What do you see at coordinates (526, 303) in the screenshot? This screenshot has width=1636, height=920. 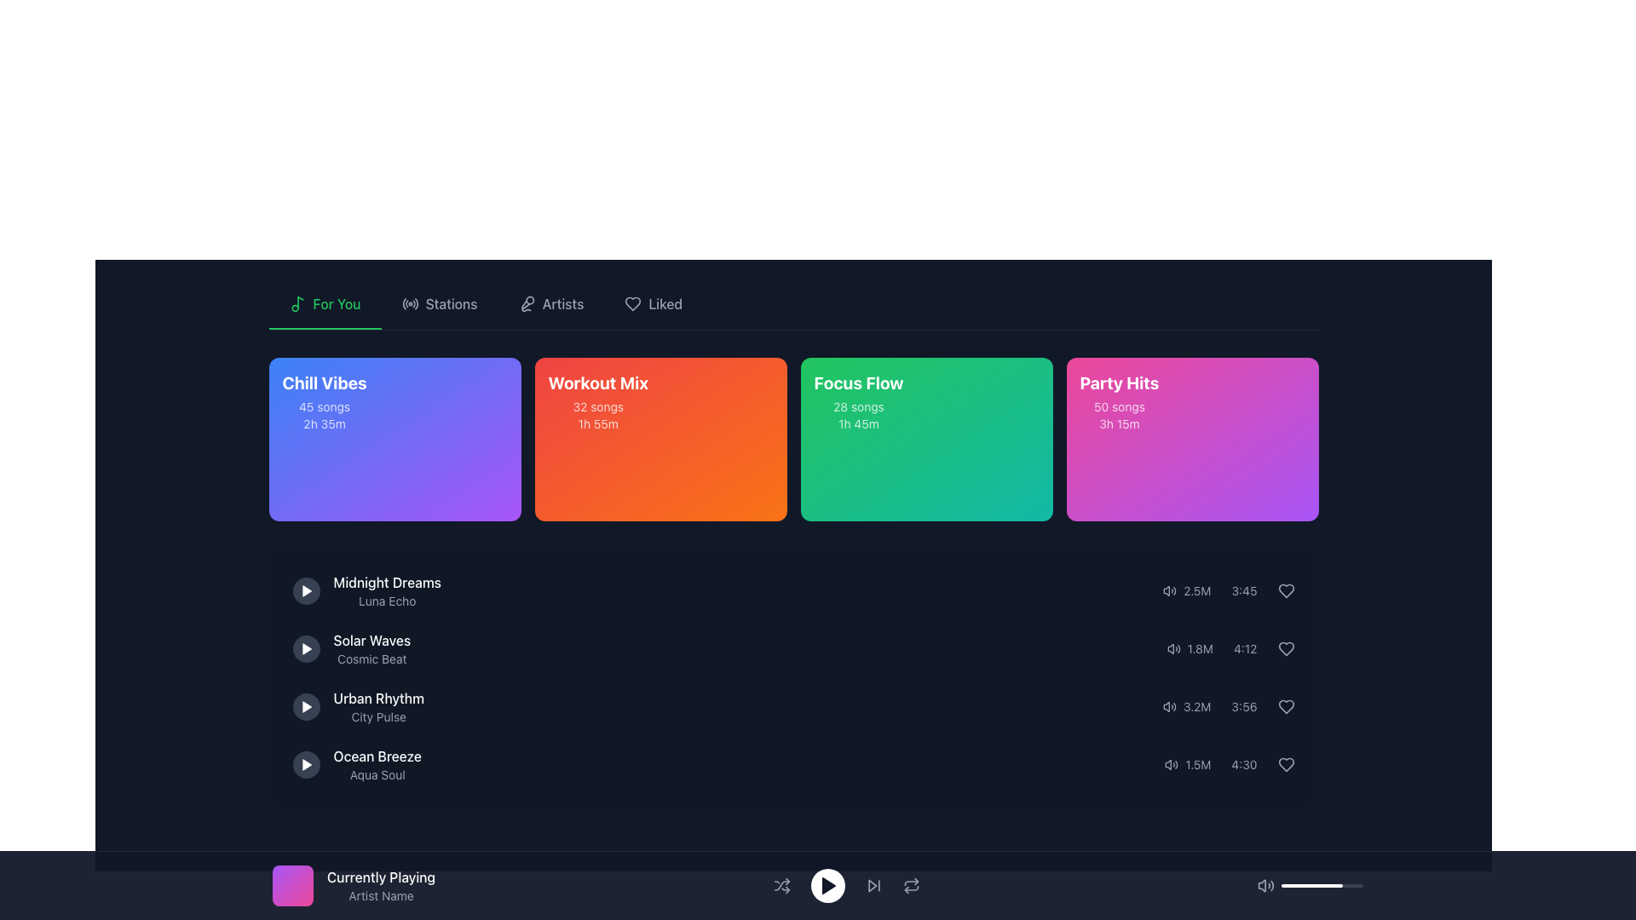 I see `the microphone icon located in the 'Artists' tab of the menu bar, positioned to the left of the text label 'Artists'` at bounding box center [526, 303].